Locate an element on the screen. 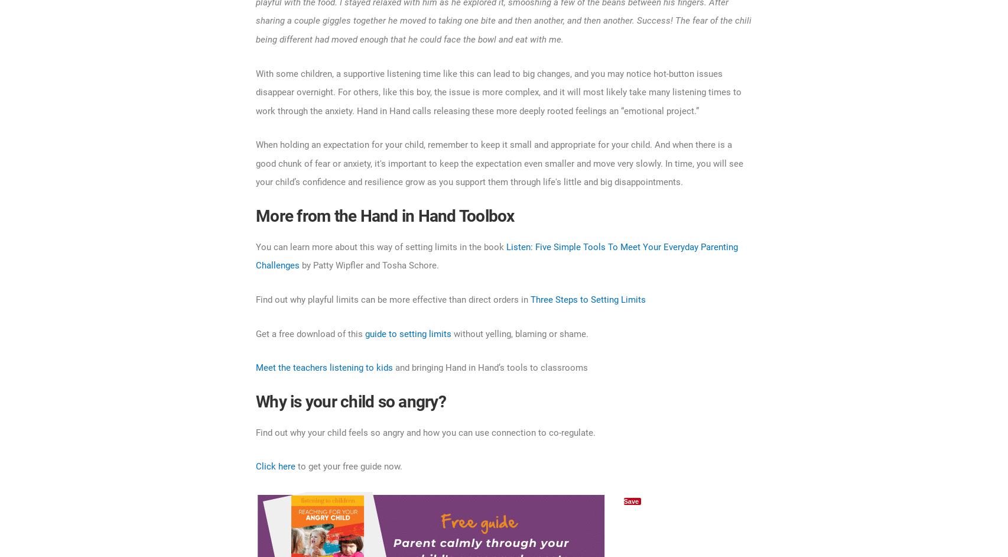 The width and height of the screenshot is (1008, 557). 'Click here' is located at coordinates (275, 467).